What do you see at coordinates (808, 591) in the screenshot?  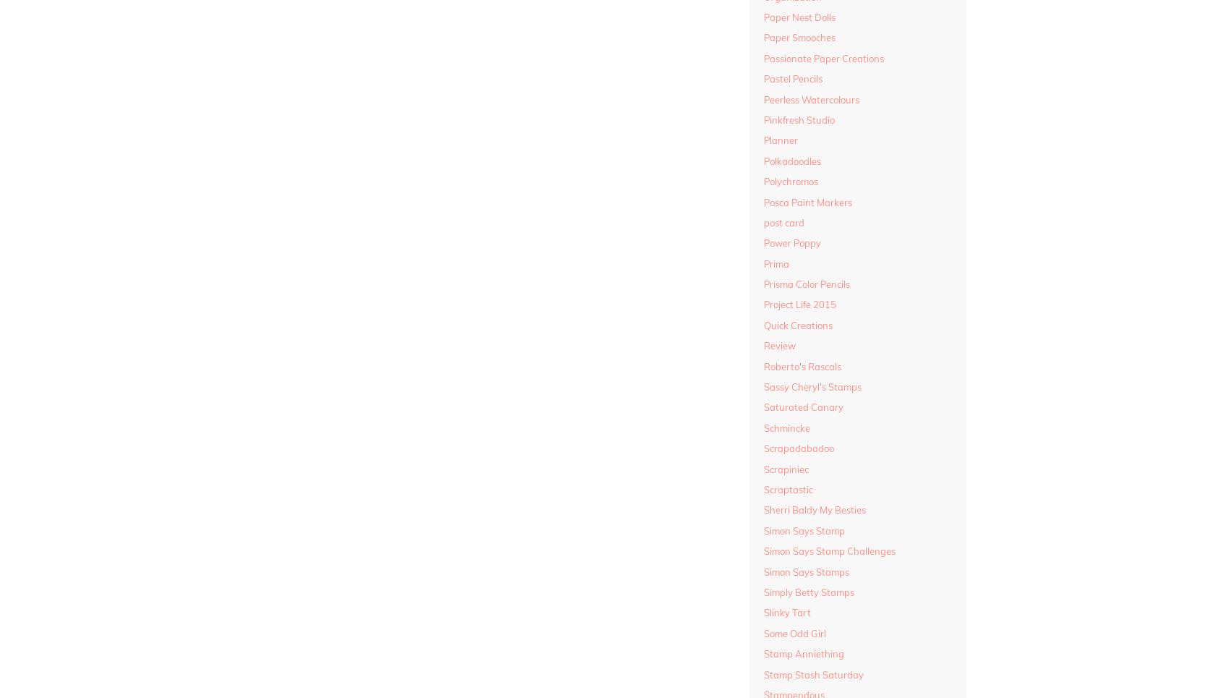 I see `'Simply Betty Stamps'` at bounding box center [808, 591].